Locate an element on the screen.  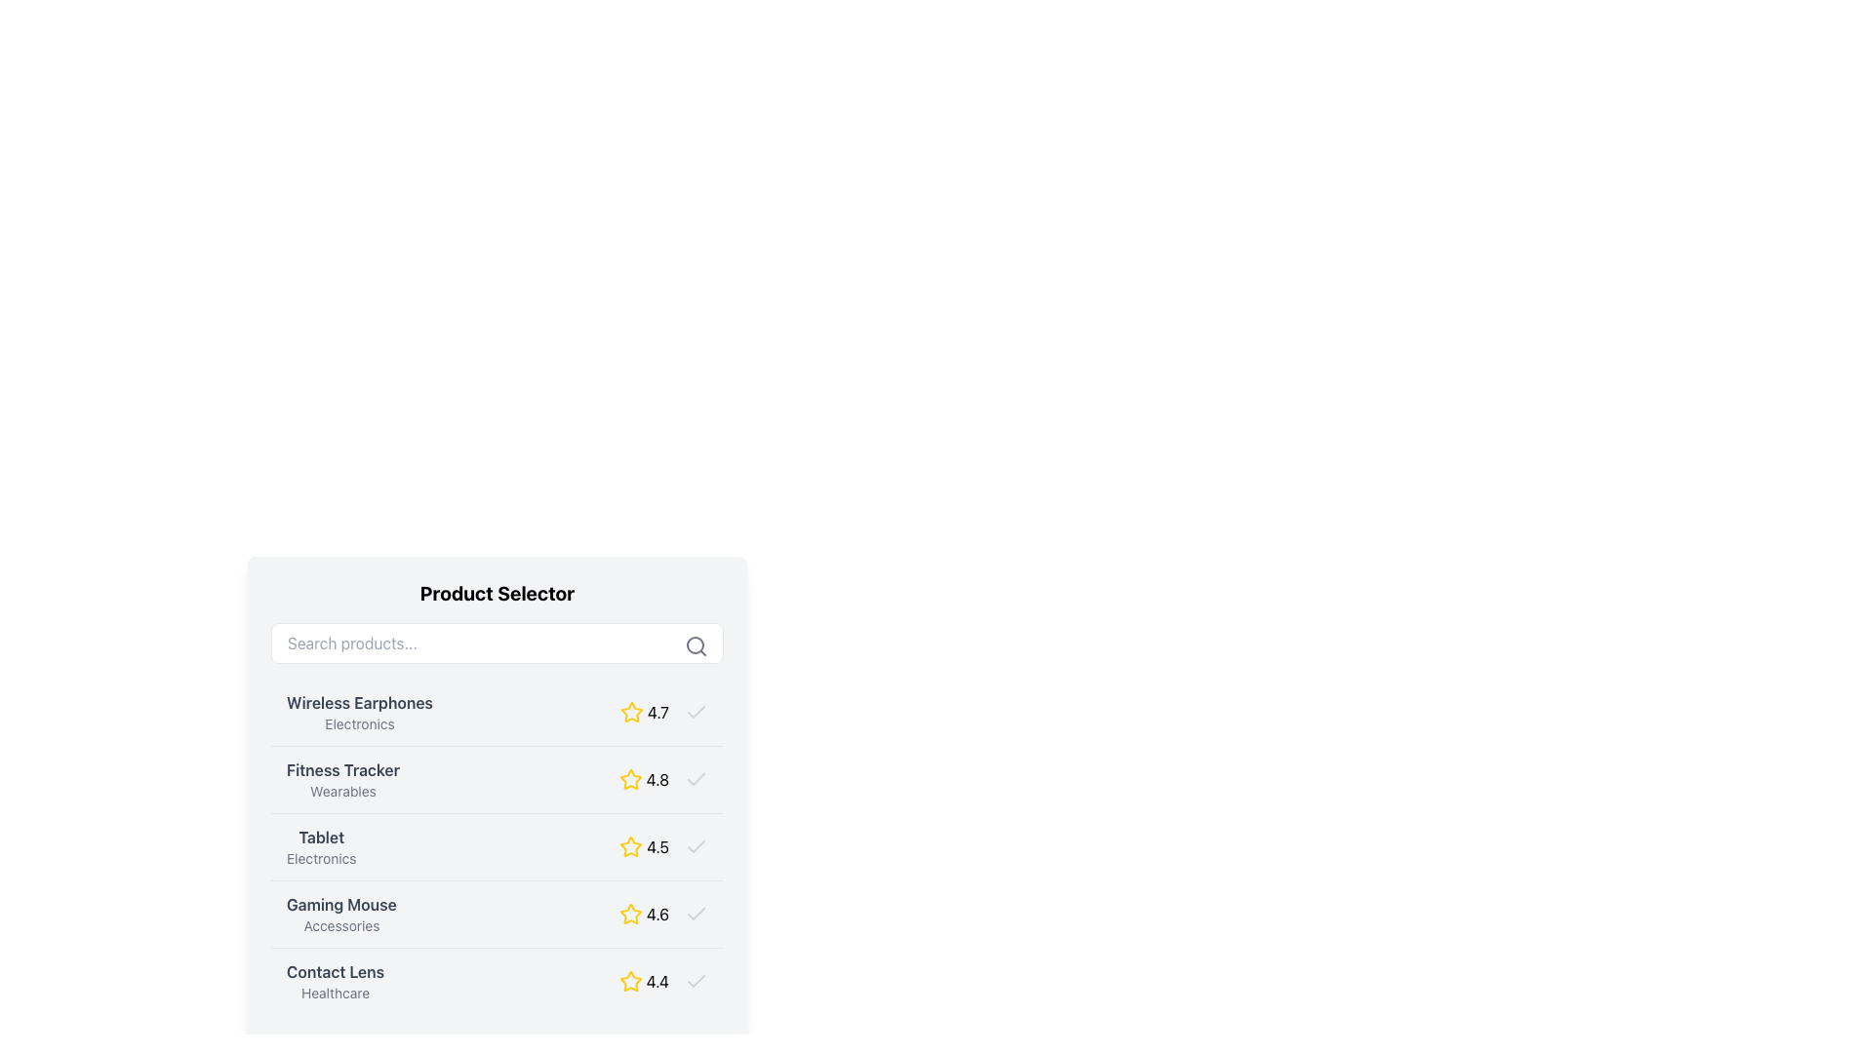
the static text label reading 'Healthcare', which is styled in a smaller font size and light gray color, located directly beneath the 'Contact Lens' title is located at coordinates (336, 993).